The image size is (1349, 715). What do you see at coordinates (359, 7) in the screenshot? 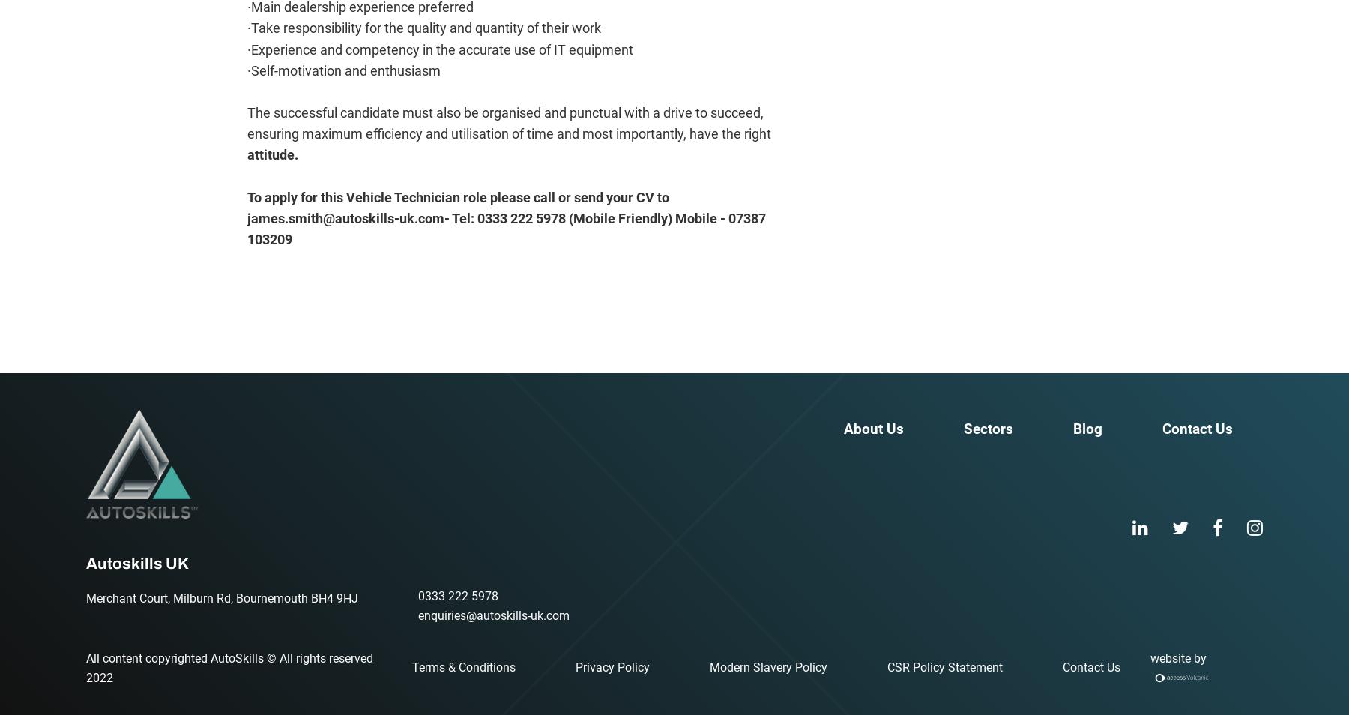
I see `'·Main dealership experience preferred'` at bounding box center [359, 7].